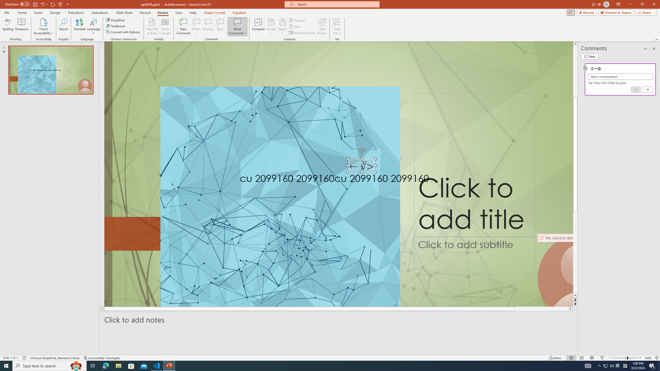  I want to click on 'Convert with Options...', so click(123, 31).